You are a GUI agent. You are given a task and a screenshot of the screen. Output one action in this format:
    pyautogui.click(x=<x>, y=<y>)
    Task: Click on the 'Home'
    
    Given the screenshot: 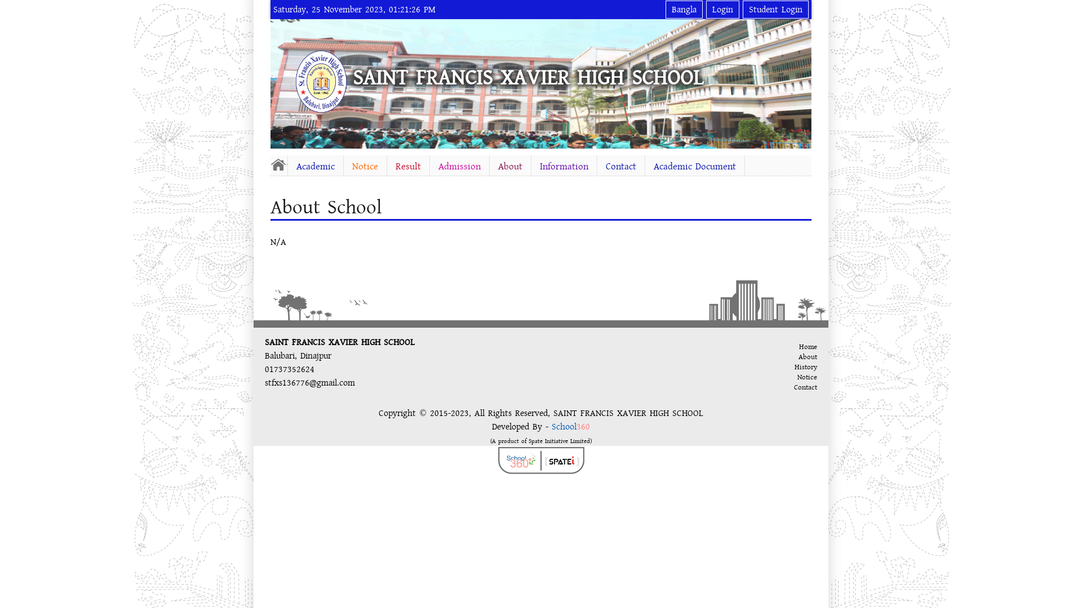 What is the action you would take?
    pyautogui.click(x=798, y=346)
    